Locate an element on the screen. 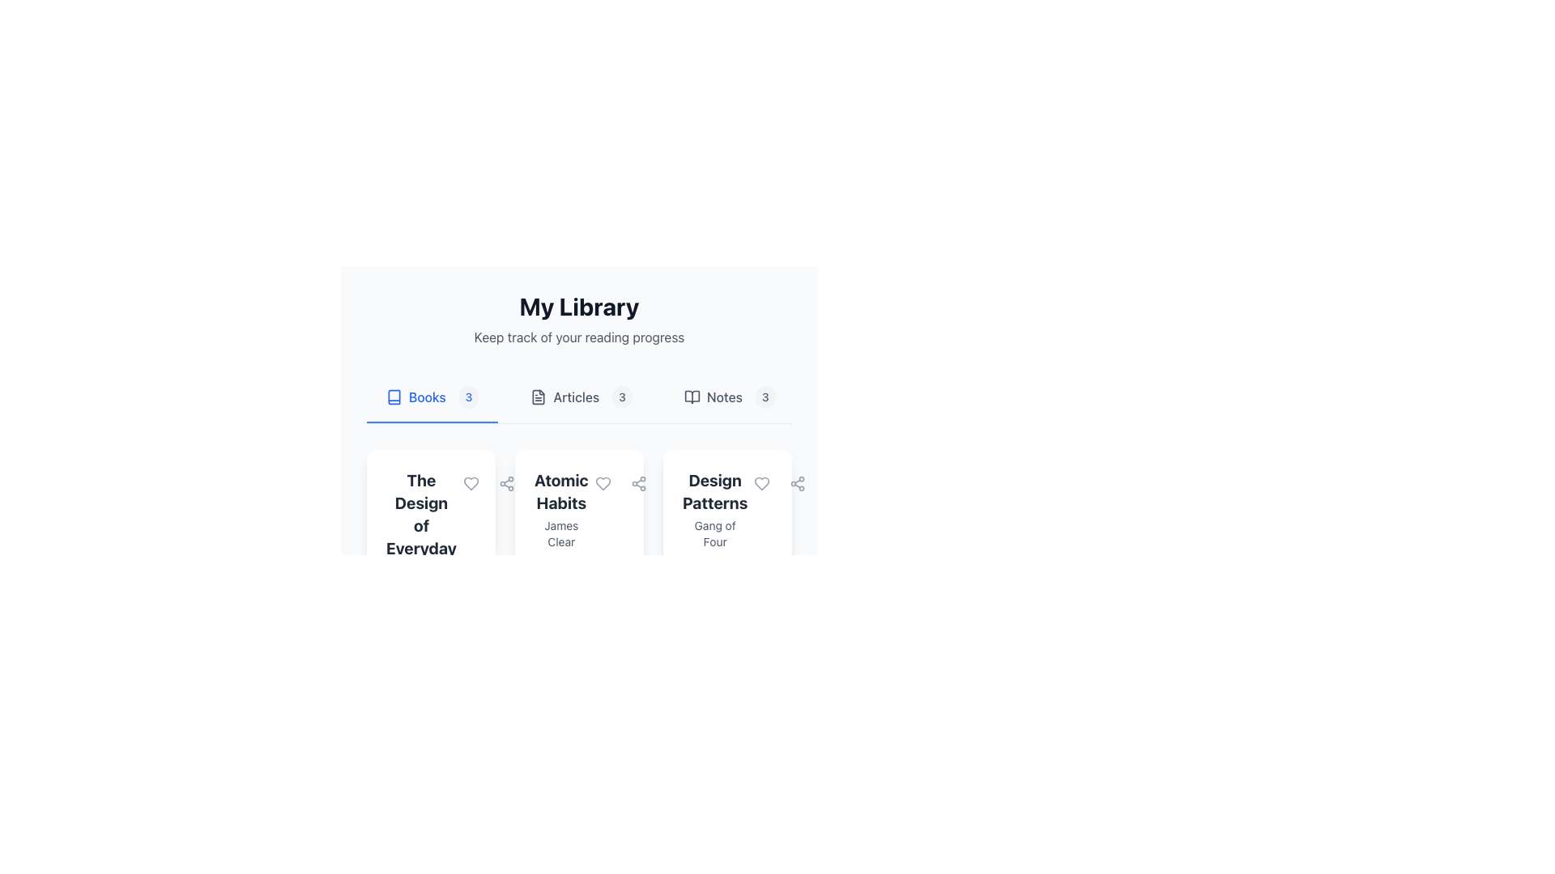 Image resolution: width=1555 pixels, height=874 pixels. the small square icon resembling a file or document with text lines located in the 'Articles' navigation tab is located at coordinates (539, 397).